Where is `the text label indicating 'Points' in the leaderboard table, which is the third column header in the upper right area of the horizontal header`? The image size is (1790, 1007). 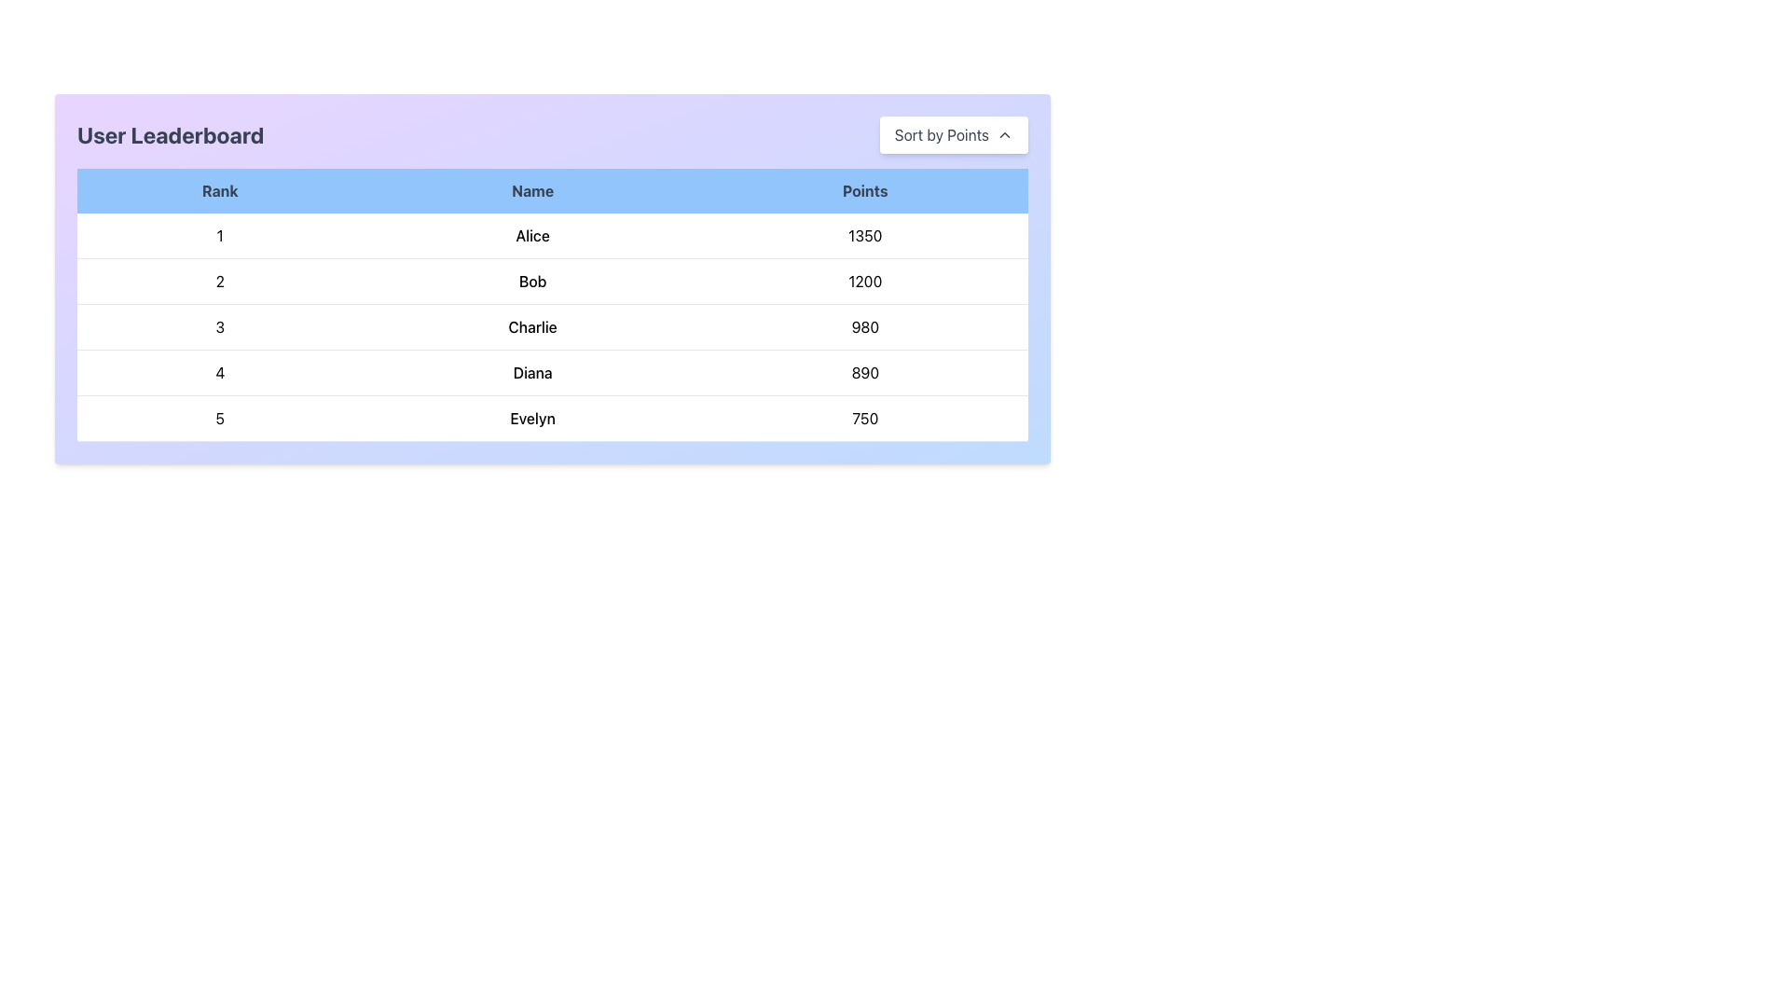
the text label indicating 'Points' in the leaderboard table, which is the third column header in the upper right area of the horizontal header is located at coordinates (864, 190).